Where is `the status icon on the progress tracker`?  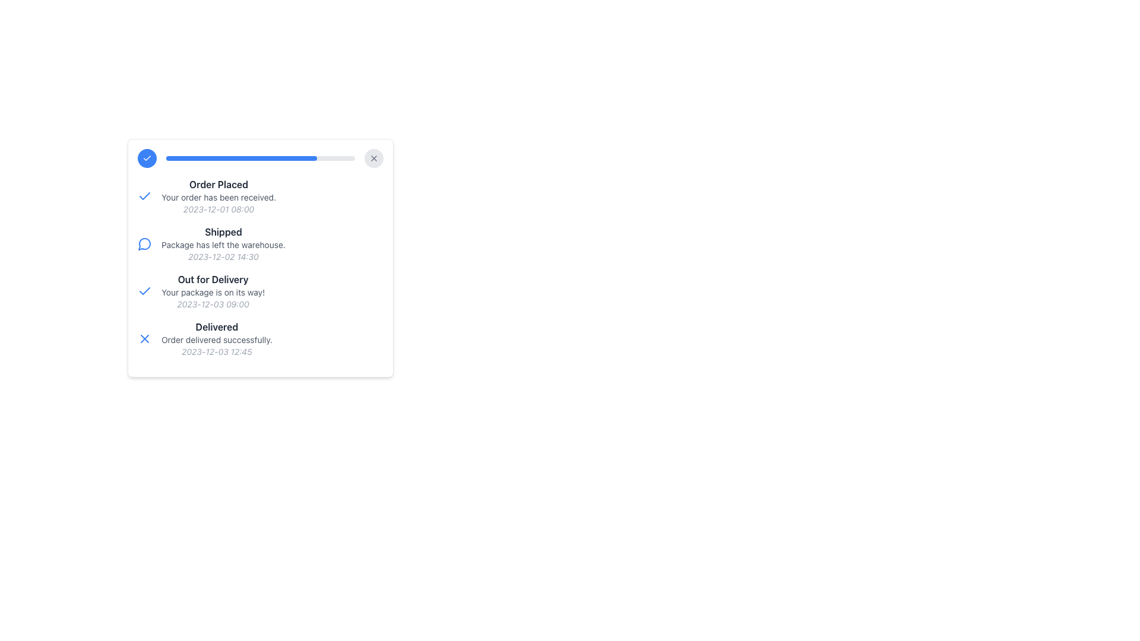 the status icon on the progress tracker is located at coordinates (259, 247).